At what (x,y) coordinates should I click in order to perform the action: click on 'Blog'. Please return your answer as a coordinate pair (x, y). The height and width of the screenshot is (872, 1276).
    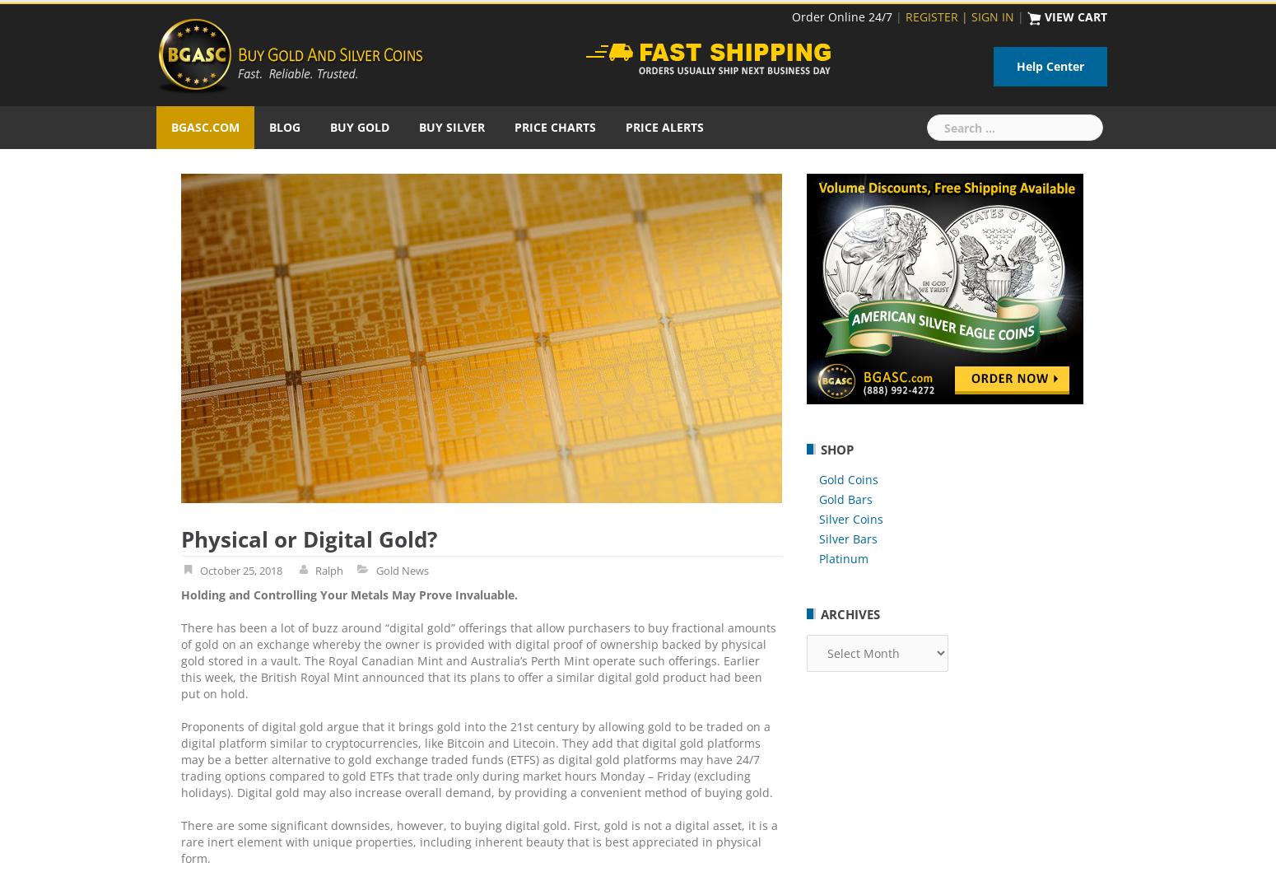
    Looking at the image, I should click on (283, 126).